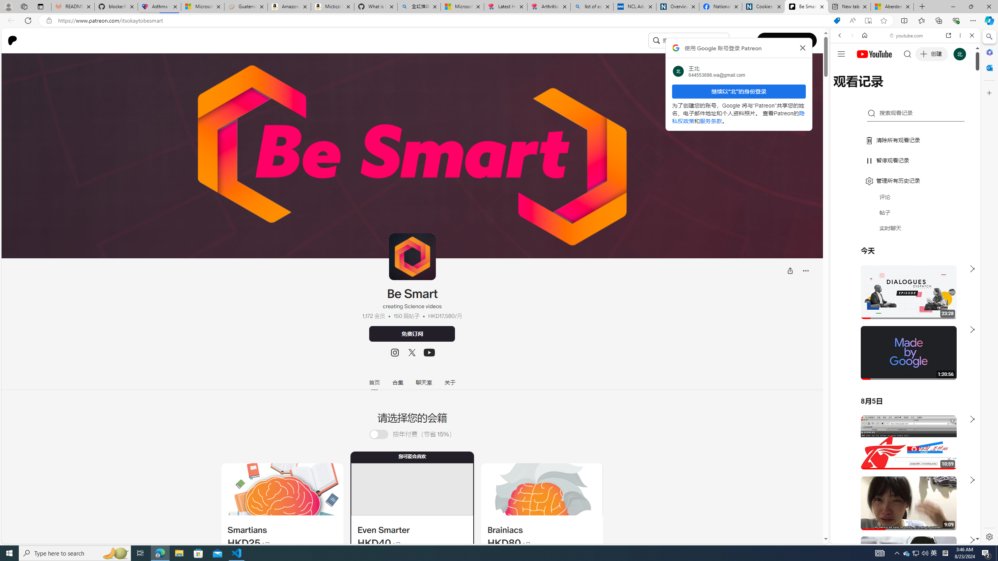 The image size is (998, 561). Describe the element at coordinates (15, 40) in the screenshot. I see `'Go to home page'` at that location.